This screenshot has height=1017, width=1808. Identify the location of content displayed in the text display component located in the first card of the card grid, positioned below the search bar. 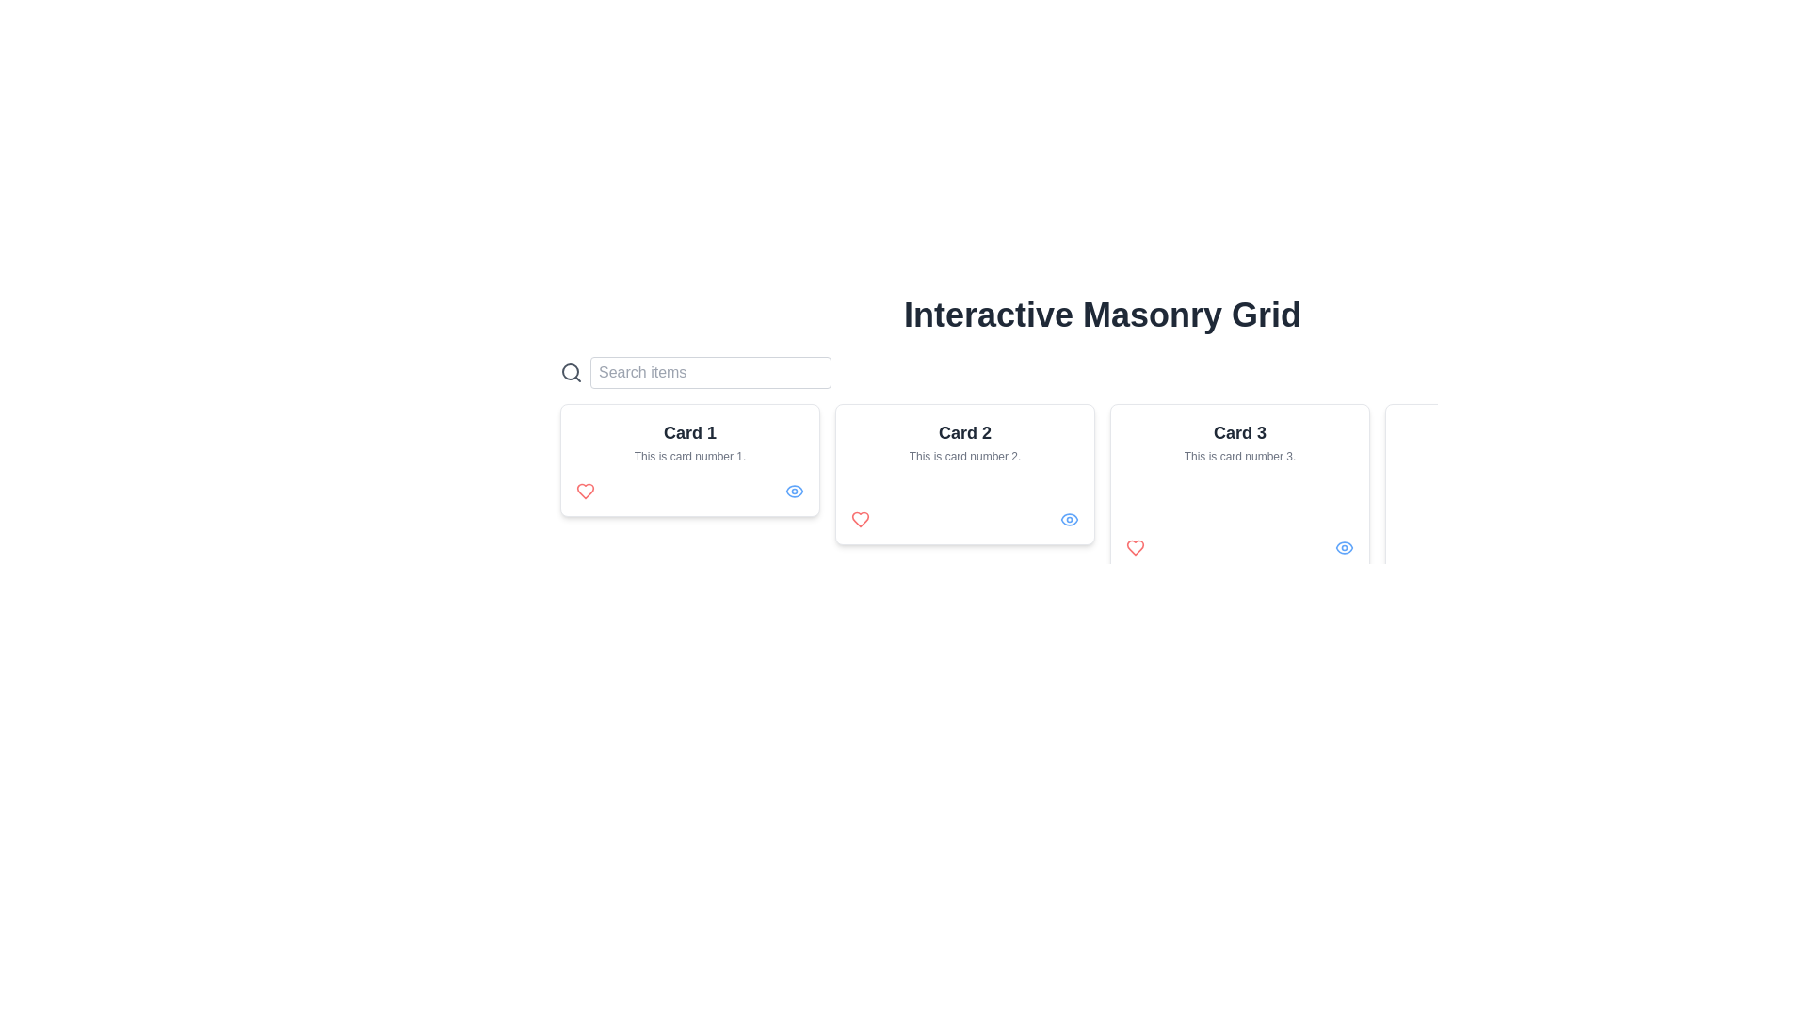
(689, 442).